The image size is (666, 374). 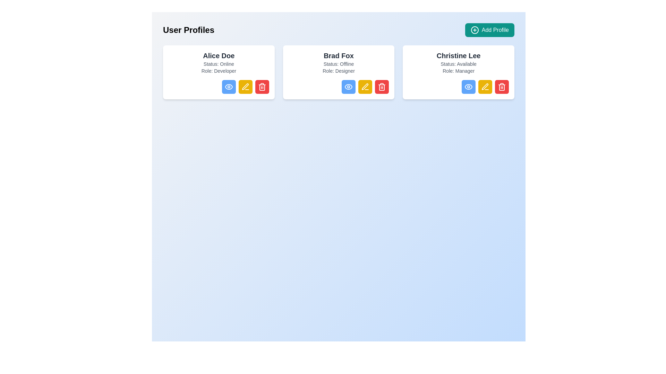 What do you see at coordinates (485, 86) in the screenshot?
I see `the edit icon in the user 'Christine Lee's' card` at bounding box center [485, 86].